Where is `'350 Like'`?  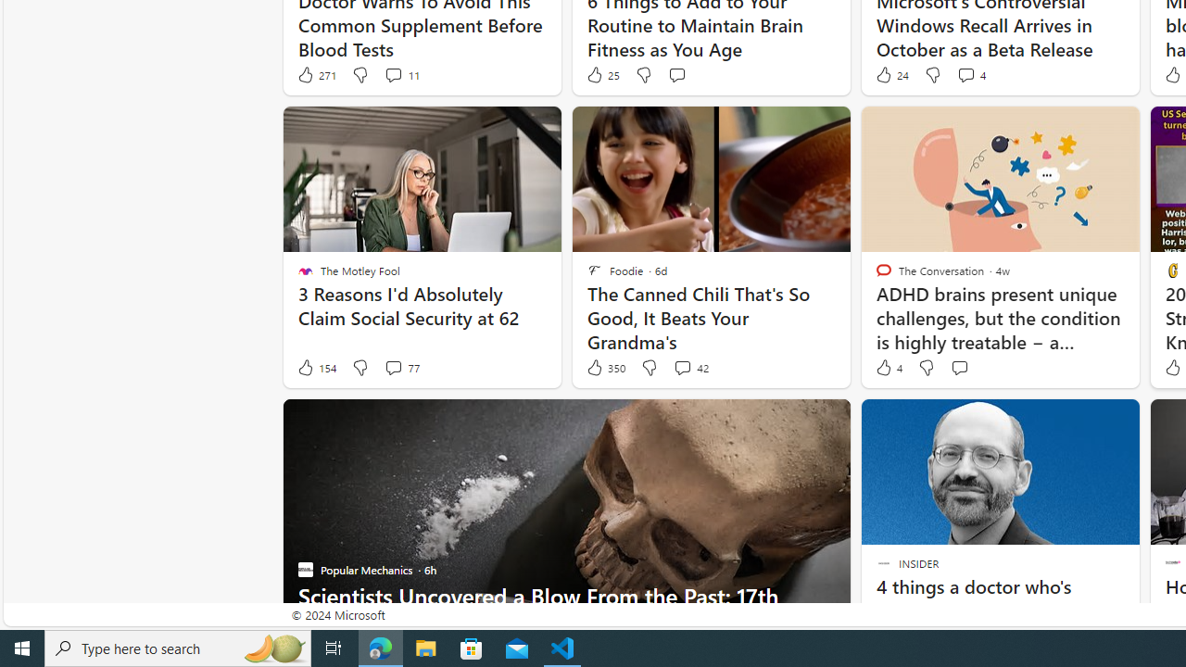 '350 Like' is located at coordinates (605, 368).